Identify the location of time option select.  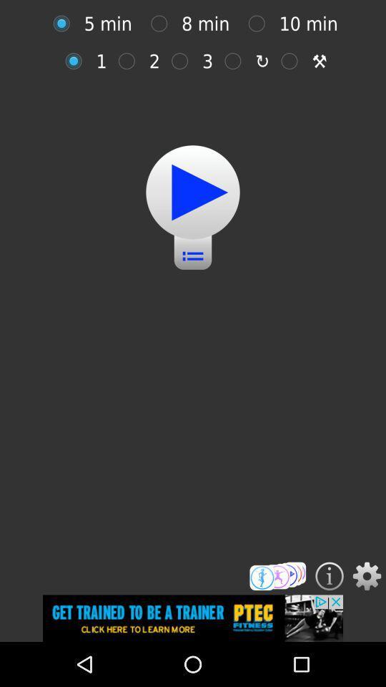
(162, 23).